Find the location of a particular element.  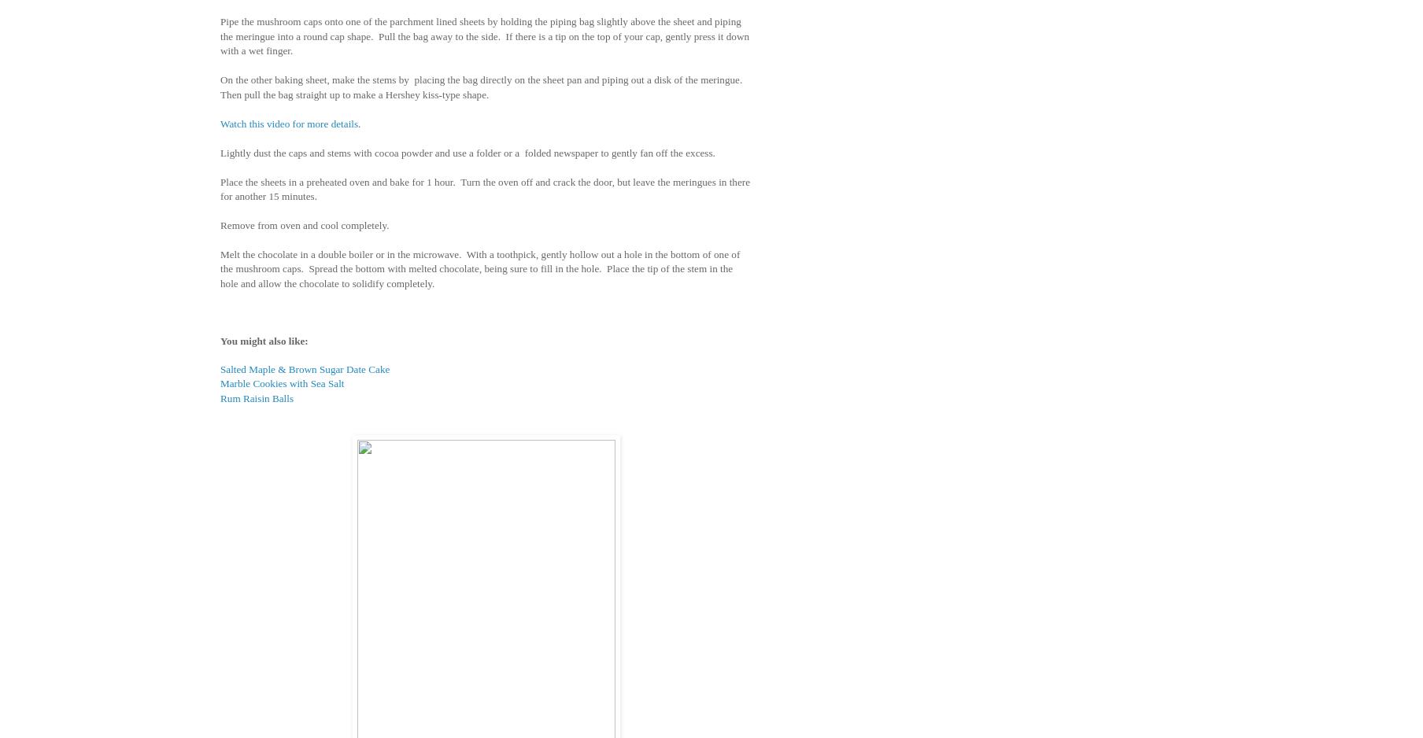

'Place the sheets in a preheated oven and bake for 1 hour.  Turn the oven off and crack the door, but leave the meringues in there for another 15 minutes.' is located at coordinates (220, 188).